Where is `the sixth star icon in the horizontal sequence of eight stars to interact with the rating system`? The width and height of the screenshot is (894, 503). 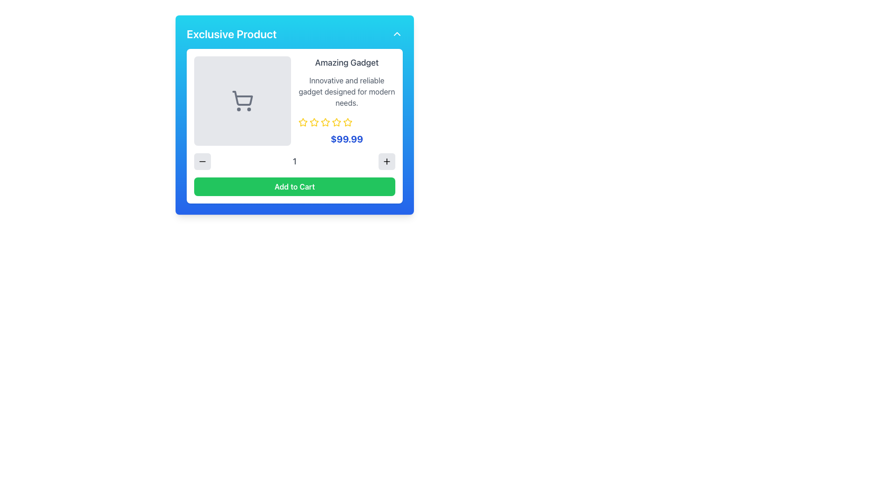
the sixth star icon in the horizontal sequence of eight stars to interact with the rating system is located at coordinates (336, 122).